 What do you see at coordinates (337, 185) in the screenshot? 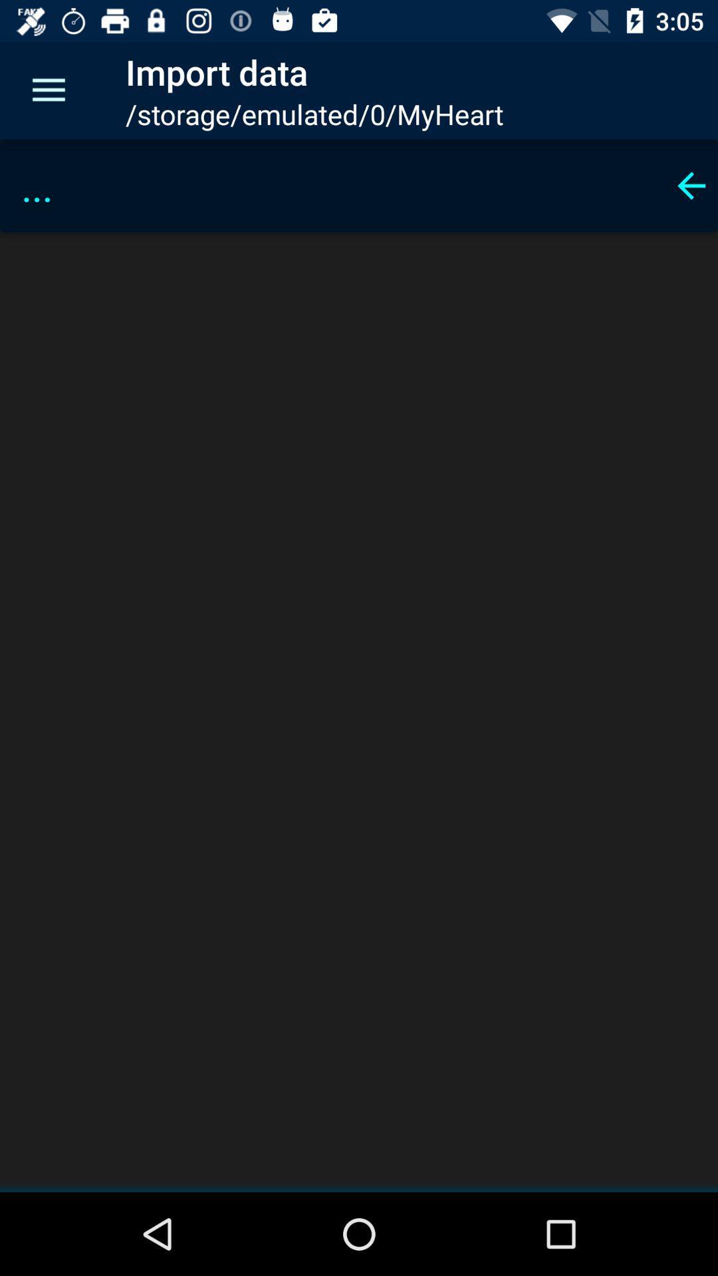
I see `... item` at bounding box center [337, 185].